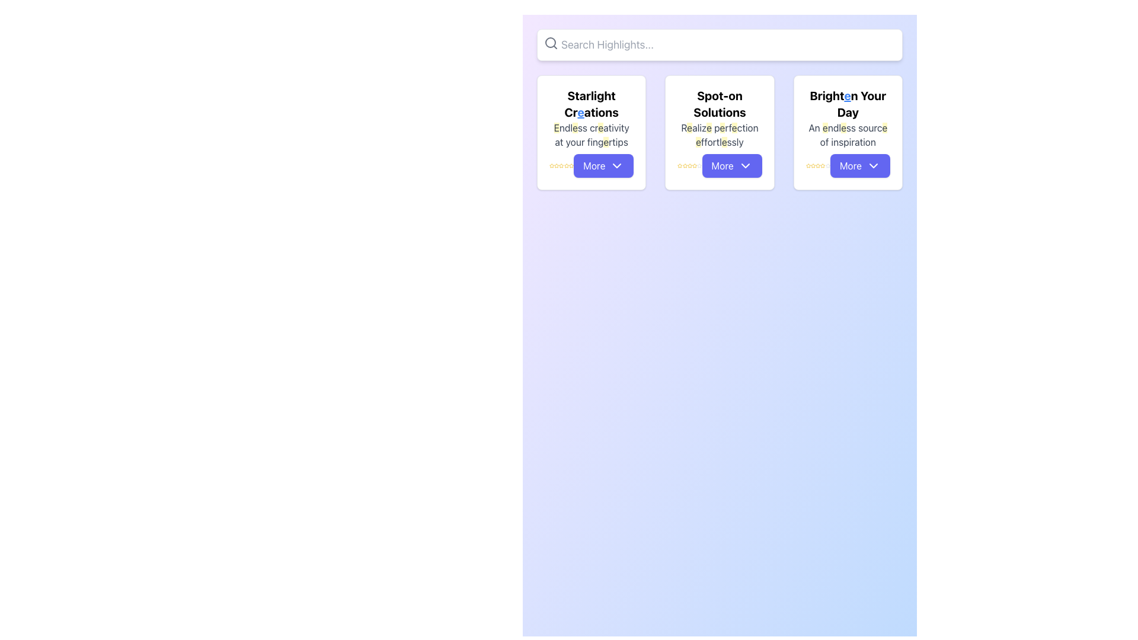 The height and width of the screenshot is (640, 1138). What do you see at coordinates (695, 166) in the screenshot?
I see `the sixth star in the rating system located in the card labeled 'Spot-on Solutions'` at bounding box center [695, 166].